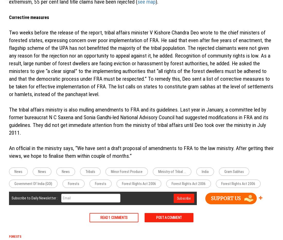 This screenshot has height=240, width=283. What do you see at coordinates (205, 171) in the screenshot?
I see `'India'` at bounding box center [205, 171].